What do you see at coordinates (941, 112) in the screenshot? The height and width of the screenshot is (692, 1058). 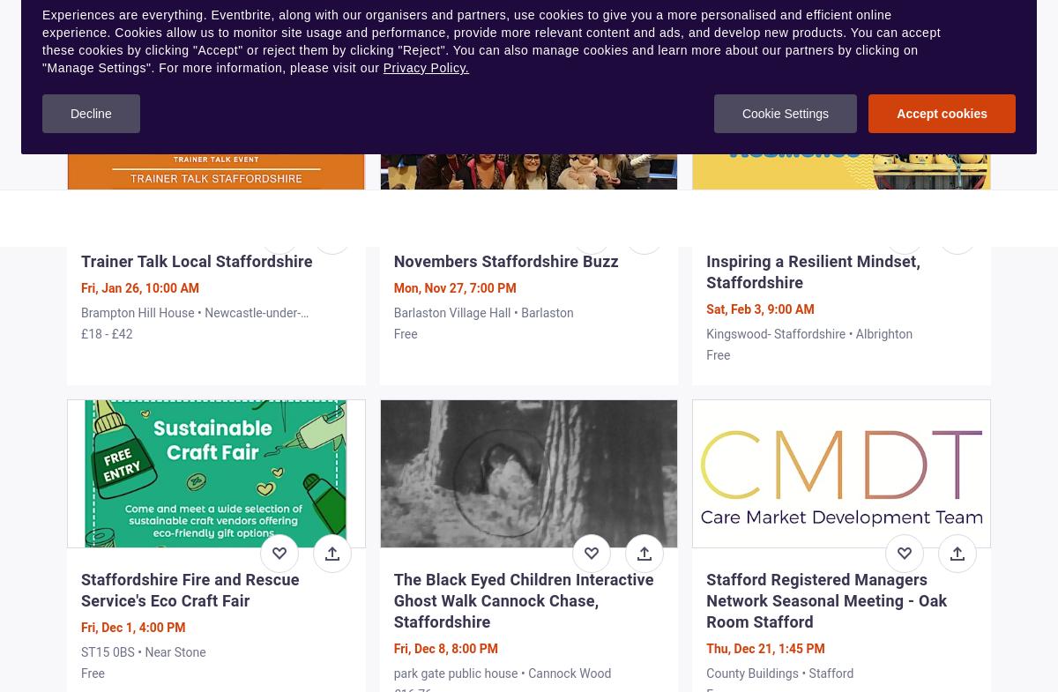 I see `'Accept cookies'` at bounding box center [941, 112].